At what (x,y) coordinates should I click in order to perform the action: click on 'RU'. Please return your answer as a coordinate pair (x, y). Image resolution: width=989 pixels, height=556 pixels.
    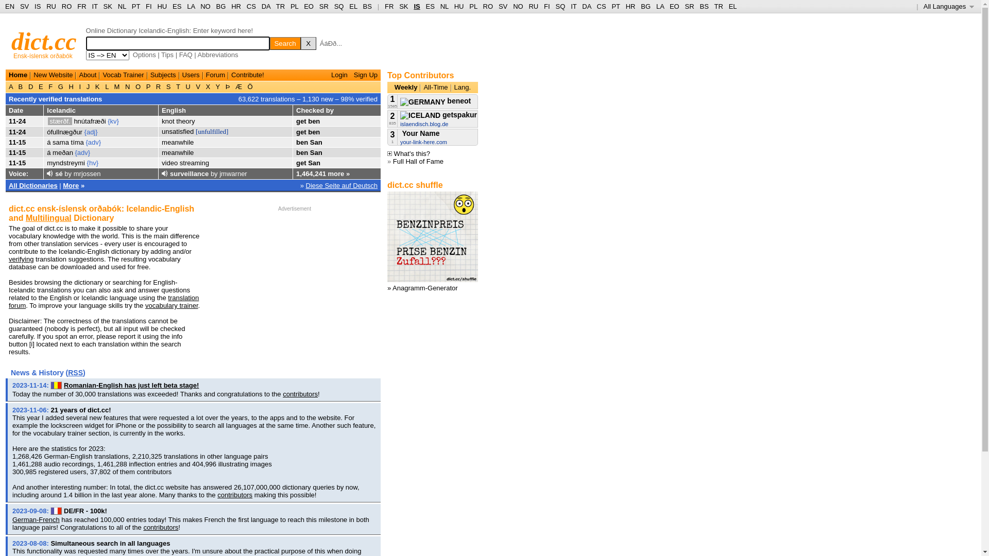
    Looking at the image, I should click on (533, 6).